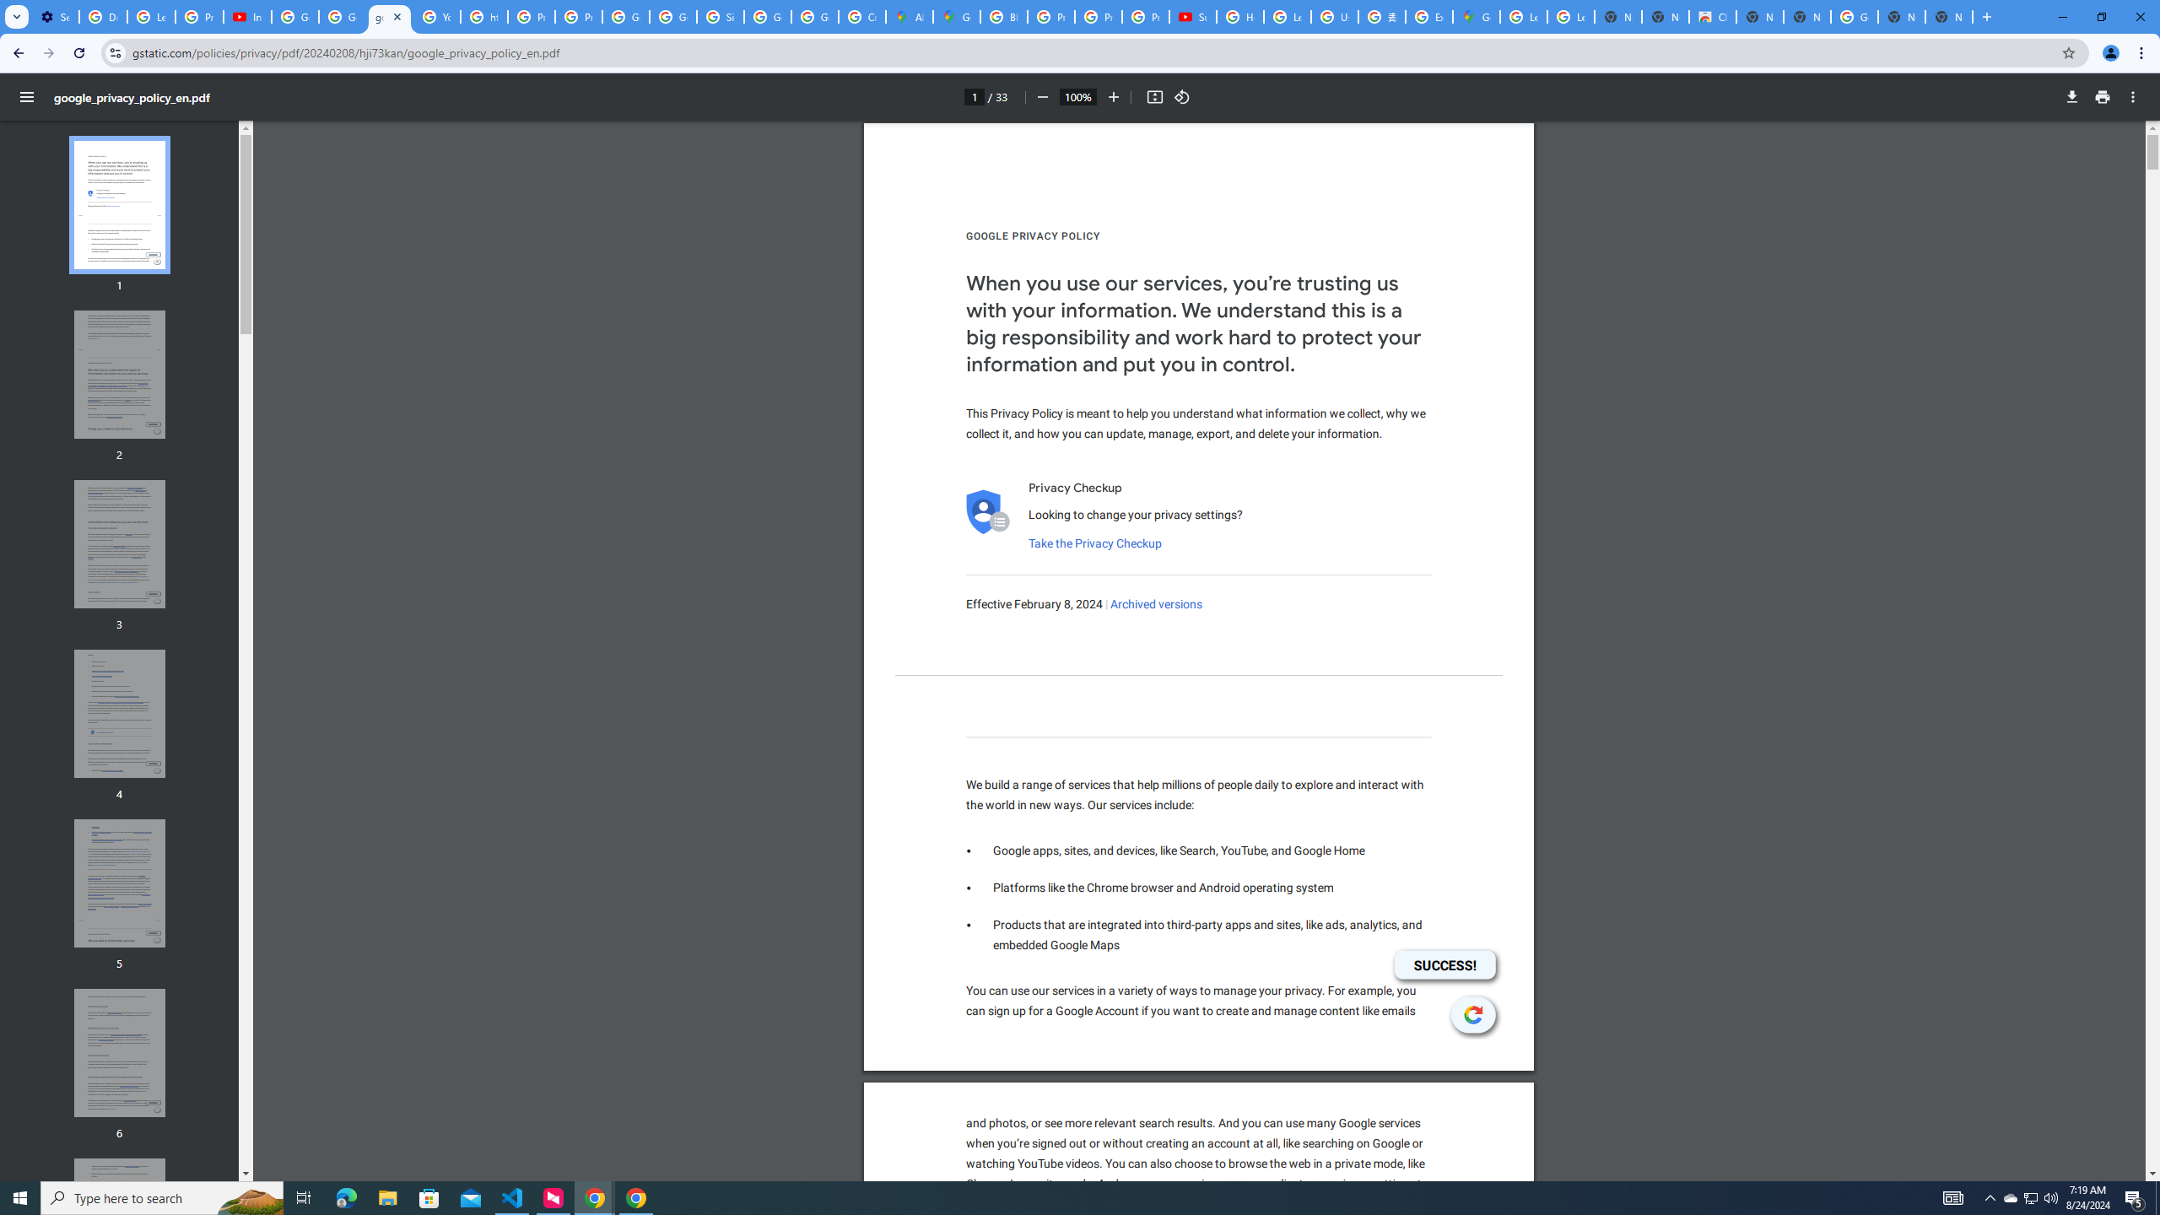 This screenshot has width=2160, height=1215. Describe the element at coordinates (1042, 96) in the screenshot. I see `'Zoom out'` at that location.